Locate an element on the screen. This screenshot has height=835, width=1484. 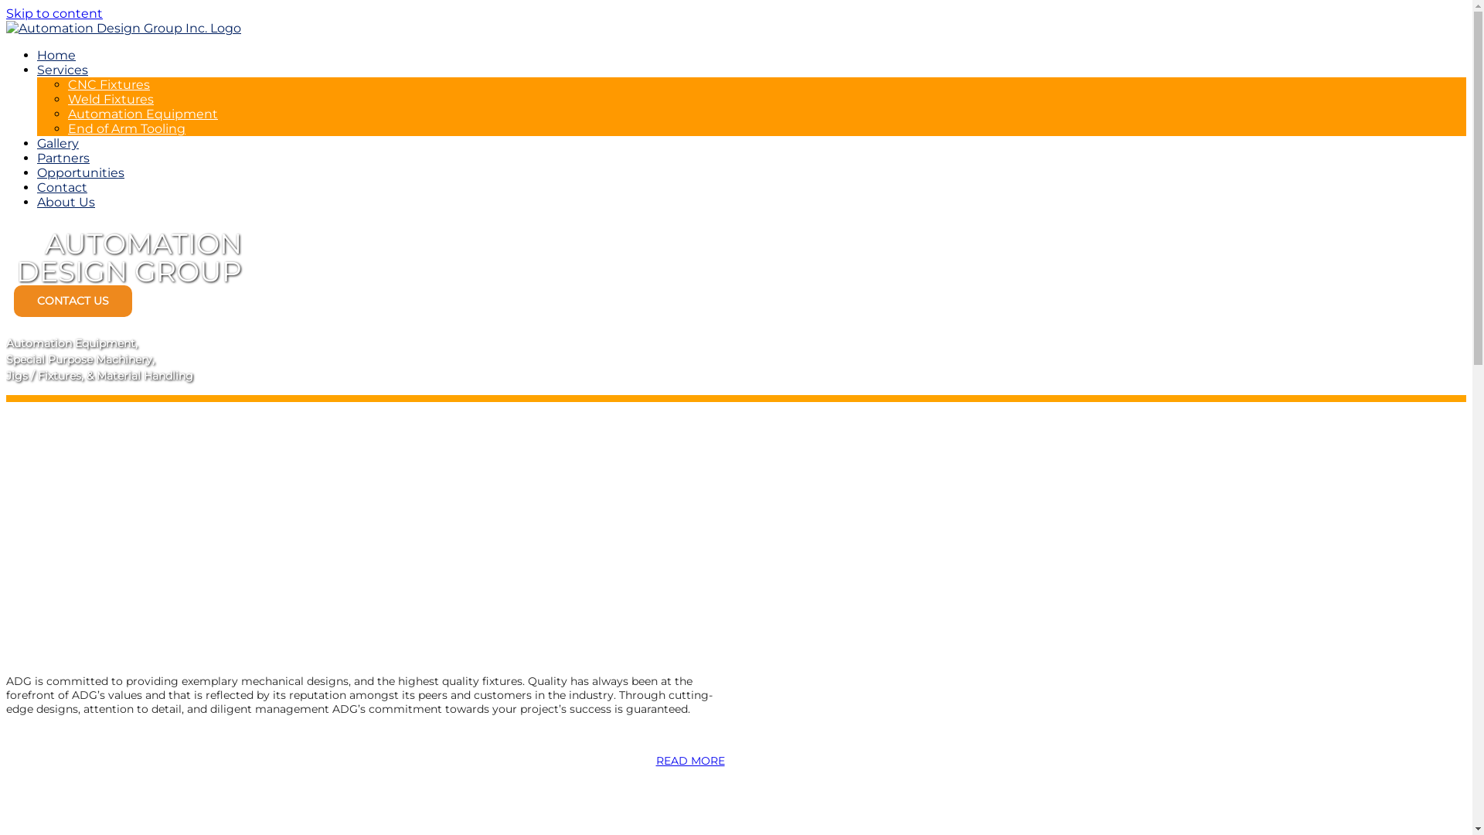
'Opportunities' is located at coordinates (80, 172).